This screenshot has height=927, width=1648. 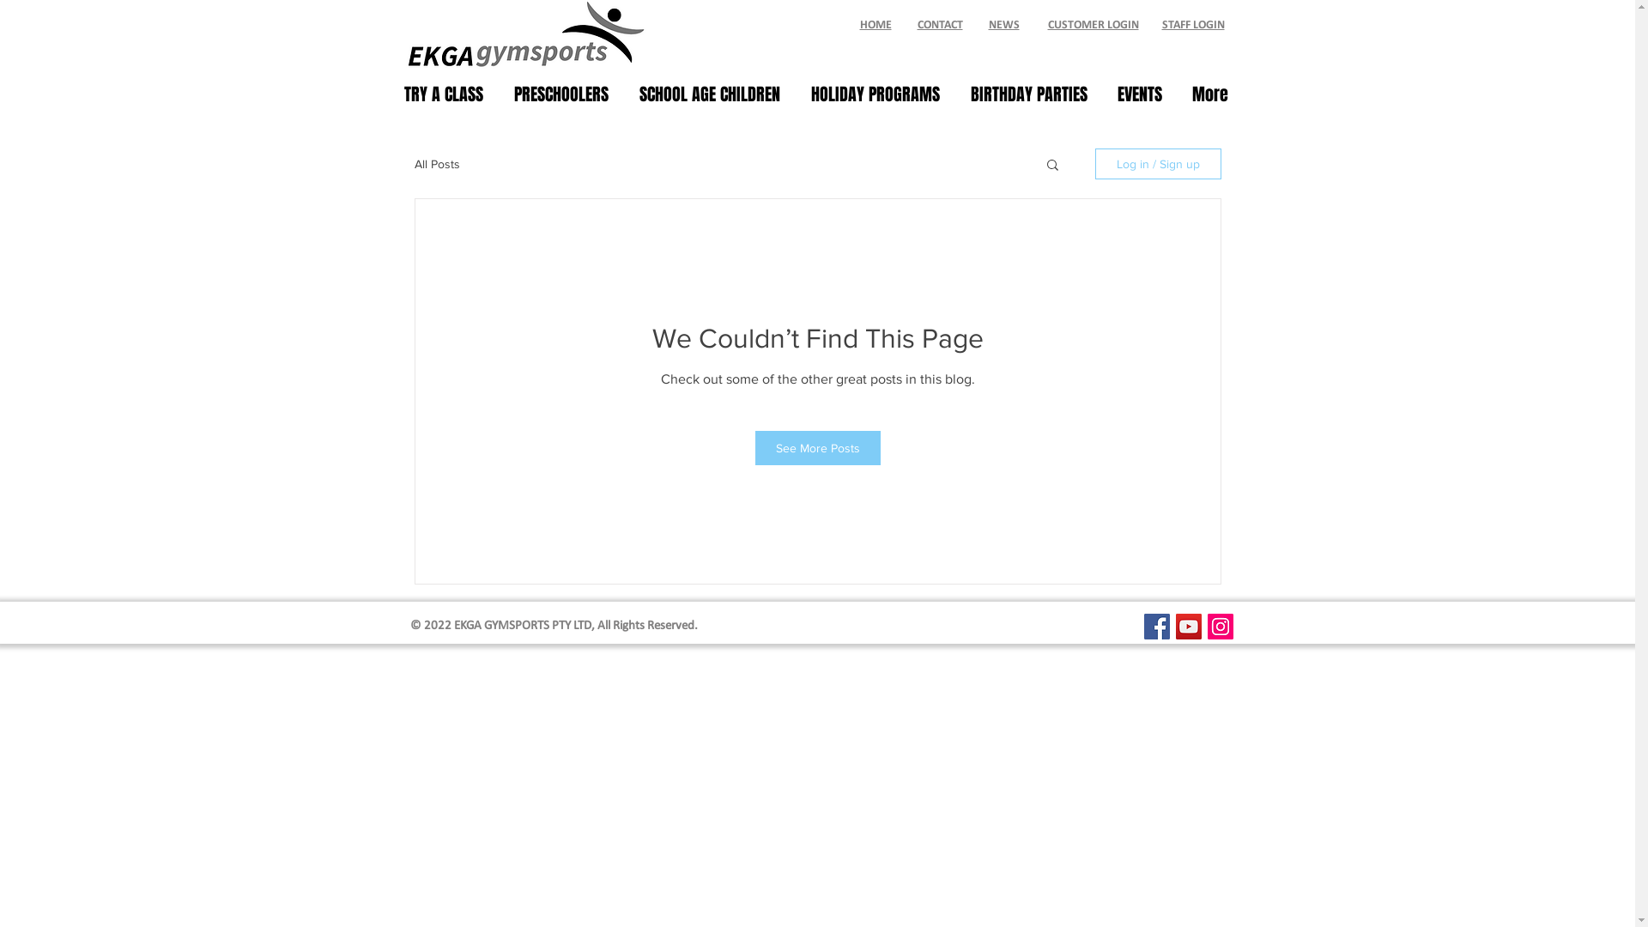 I want to click on 'CUSTOMER LOGIN', so click(x=1091, y=25).